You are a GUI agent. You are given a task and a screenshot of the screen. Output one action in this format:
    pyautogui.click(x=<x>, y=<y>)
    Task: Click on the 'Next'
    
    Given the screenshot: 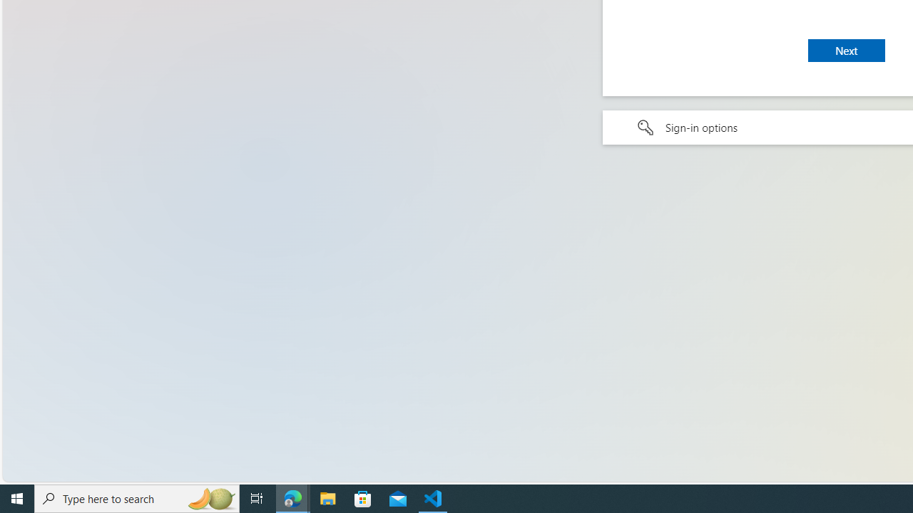 What is the action you would take?
    pyautogui.click(x=847, y=50)
    